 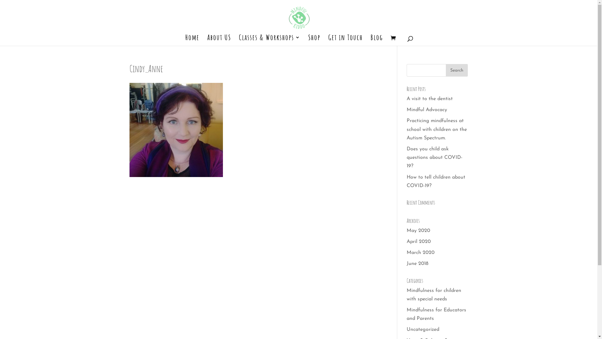 I want to click on 'Search', so click(x=457, y=70).